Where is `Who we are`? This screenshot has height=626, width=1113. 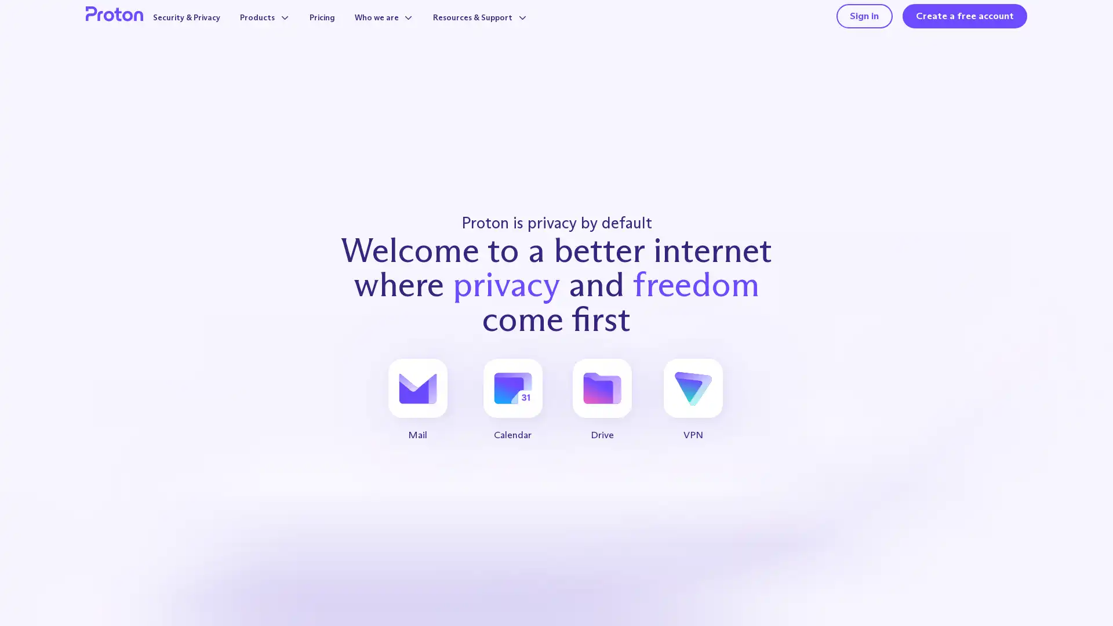 Who we are is located at coordinates (394, 30).